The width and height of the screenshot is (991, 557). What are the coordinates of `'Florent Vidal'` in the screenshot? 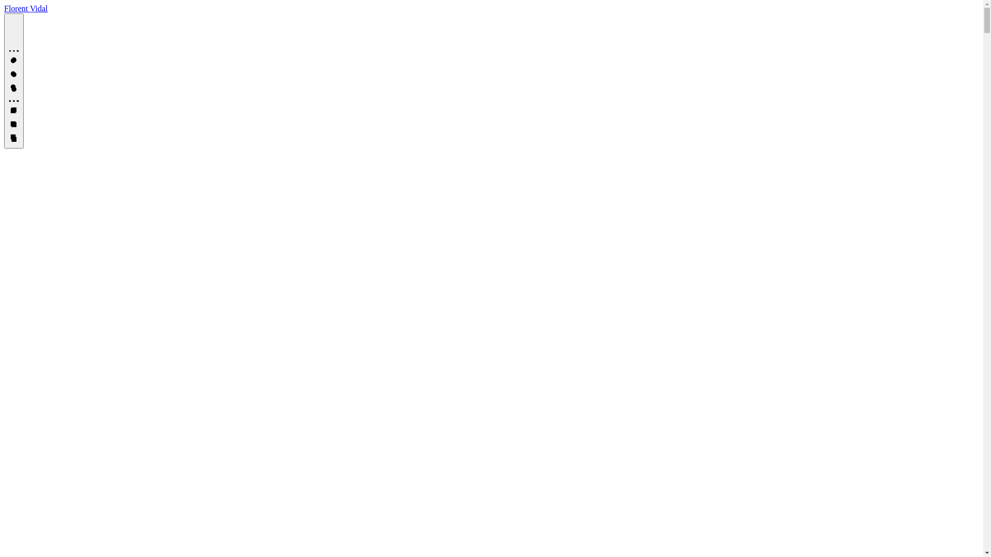 It's located at (26, 8).